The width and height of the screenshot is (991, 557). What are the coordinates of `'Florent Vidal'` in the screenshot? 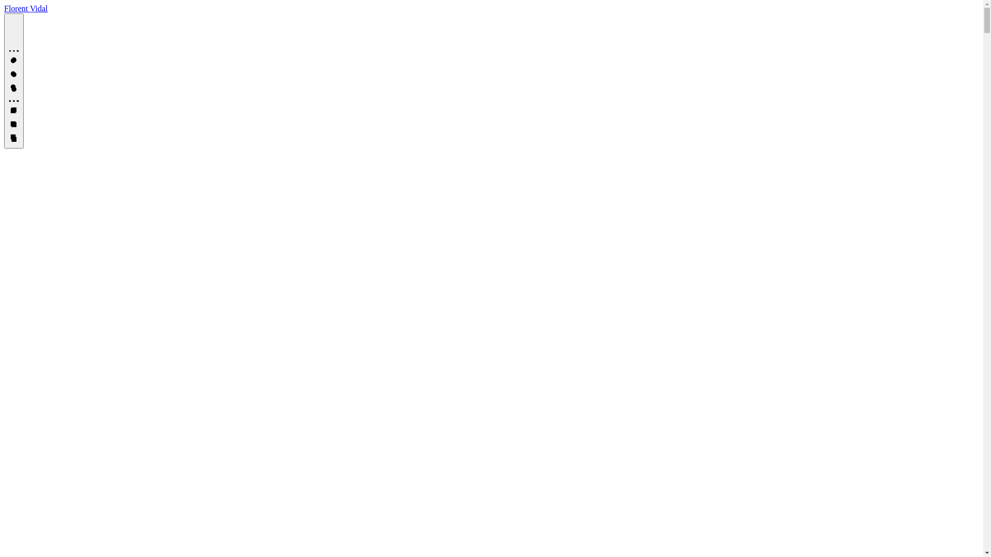 It's located at (26, 8).